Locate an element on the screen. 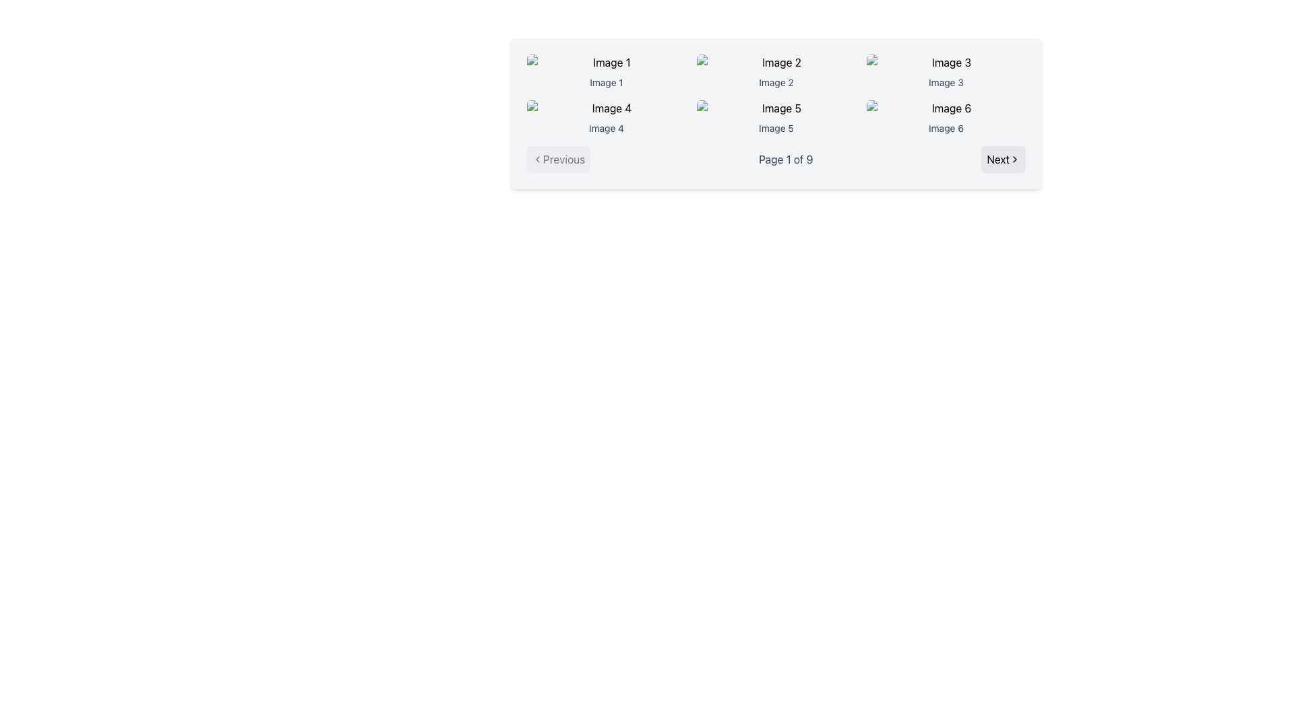 The height and width of the screenshot is (727, 1294). the image with caption 'Image 4', which is styled with rounded corners and has a smaller gray text below it, located in the second row, first column of a 3x2 grid layout is located at coordinates (606, 116).